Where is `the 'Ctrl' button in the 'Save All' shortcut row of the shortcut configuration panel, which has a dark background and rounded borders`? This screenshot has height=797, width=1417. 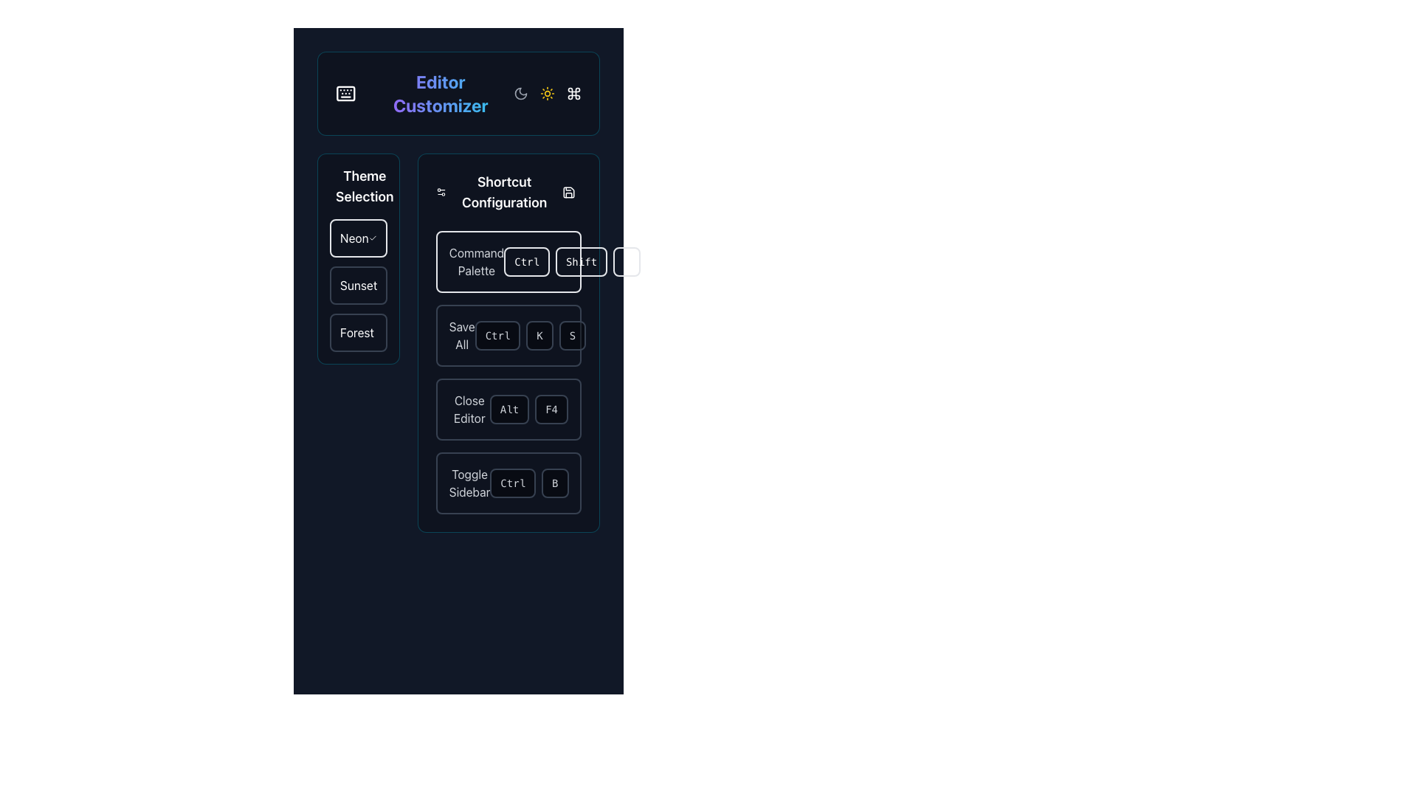 the 'Ctrl' button in the 'Save All' shortcut row of the shortcut configuration panel, which has a dark background and rounded borders is located at coordinates (508, 336).